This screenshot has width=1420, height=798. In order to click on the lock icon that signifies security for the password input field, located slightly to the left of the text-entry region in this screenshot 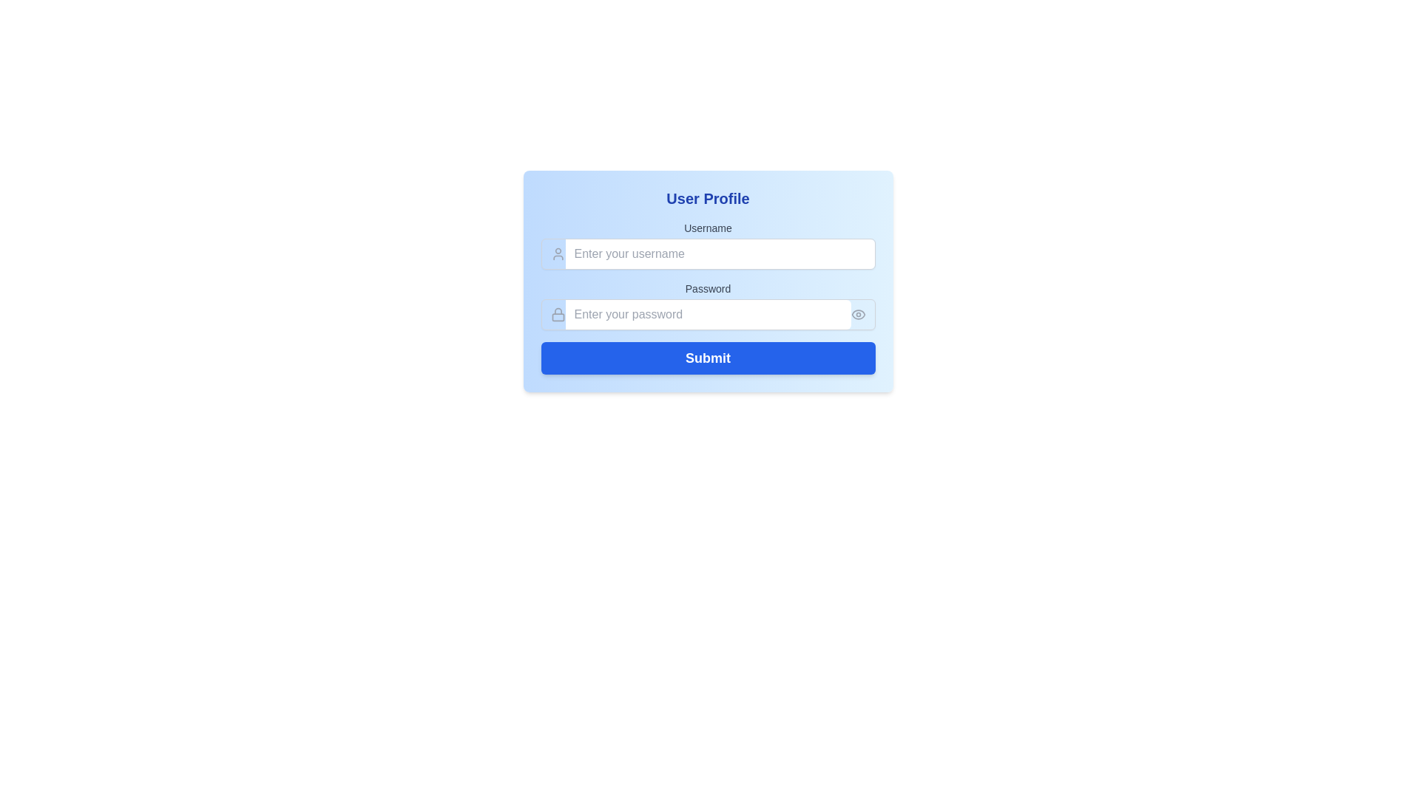, I will do `click(557, 313)`.